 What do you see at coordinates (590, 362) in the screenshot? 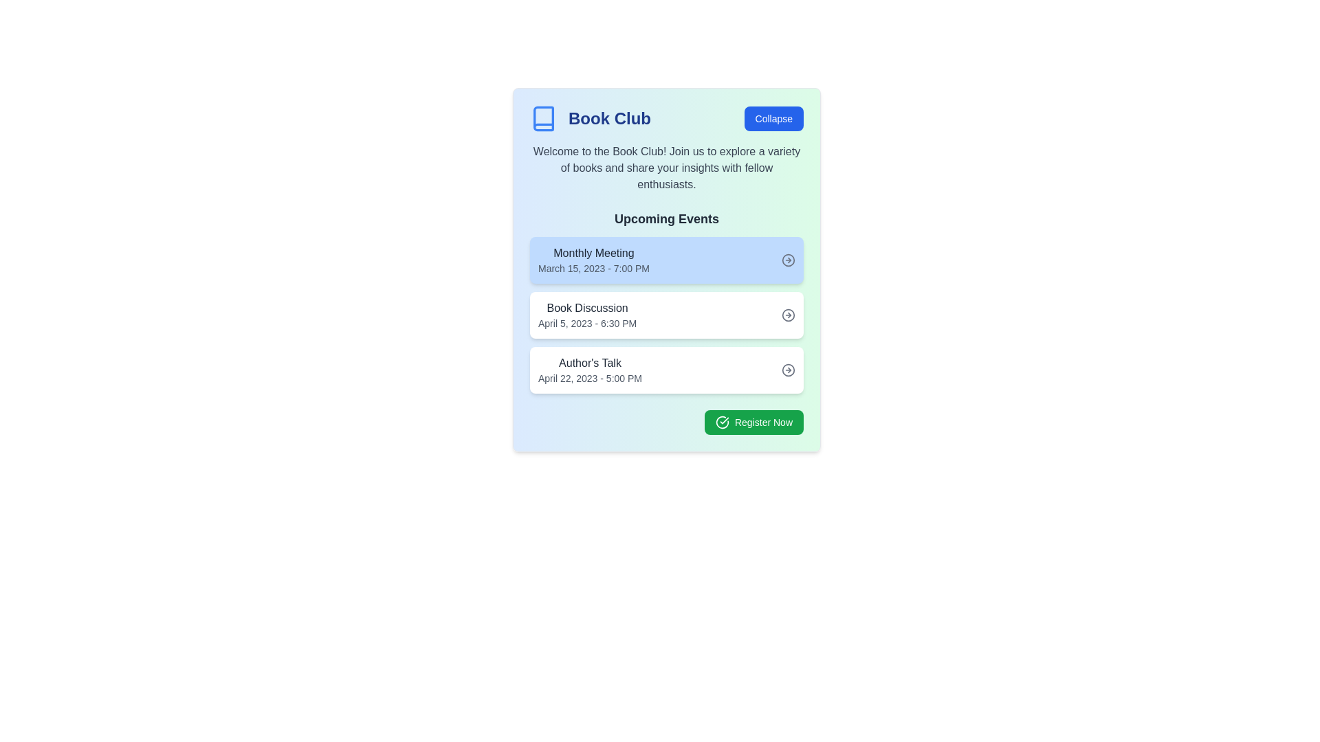
I see `text from the title or header of the third item in the 'Upcoming Events' list, which is positioned above the event details` at bounding box center [590, 362].